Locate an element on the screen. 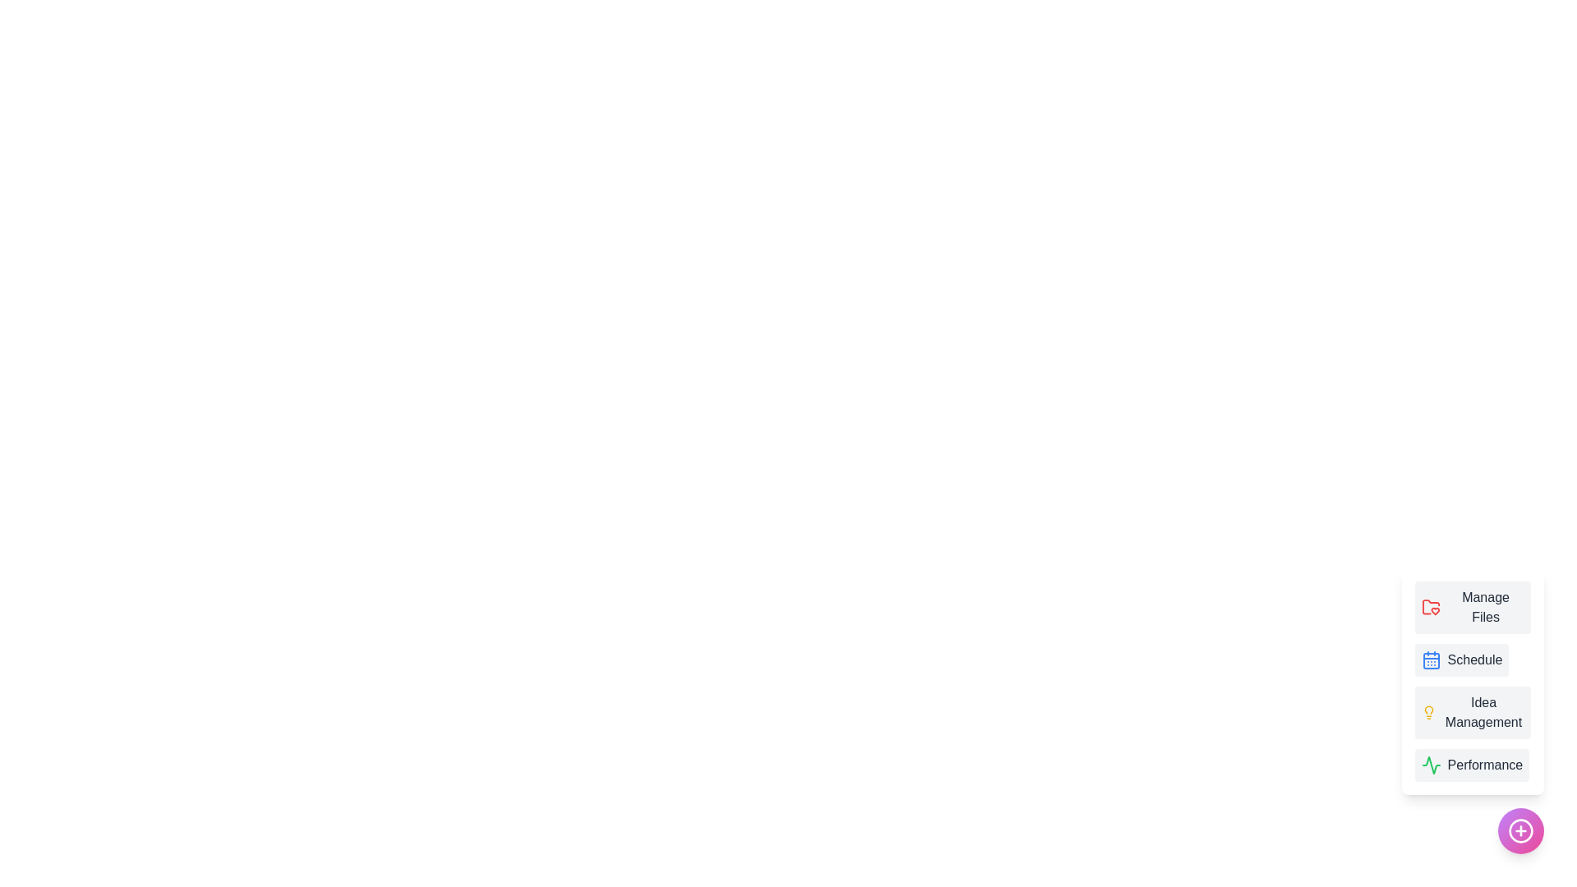  the 'Schedule' button to select it is located at coordinates (1462, 659).